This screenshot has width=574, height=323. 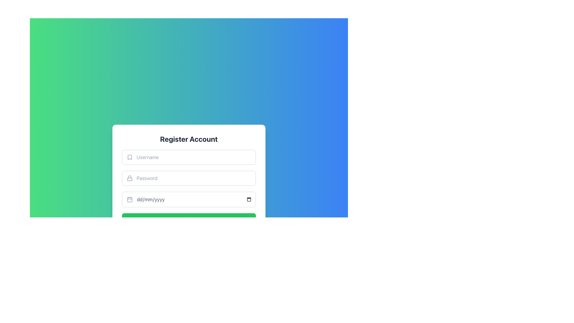 What do you see at coordinates (129, 178) in the screenshot?
I see `the small gray lock icon that indicates a secure or password-related field, located to the left of the password input field` at bounding box center [129, 178].